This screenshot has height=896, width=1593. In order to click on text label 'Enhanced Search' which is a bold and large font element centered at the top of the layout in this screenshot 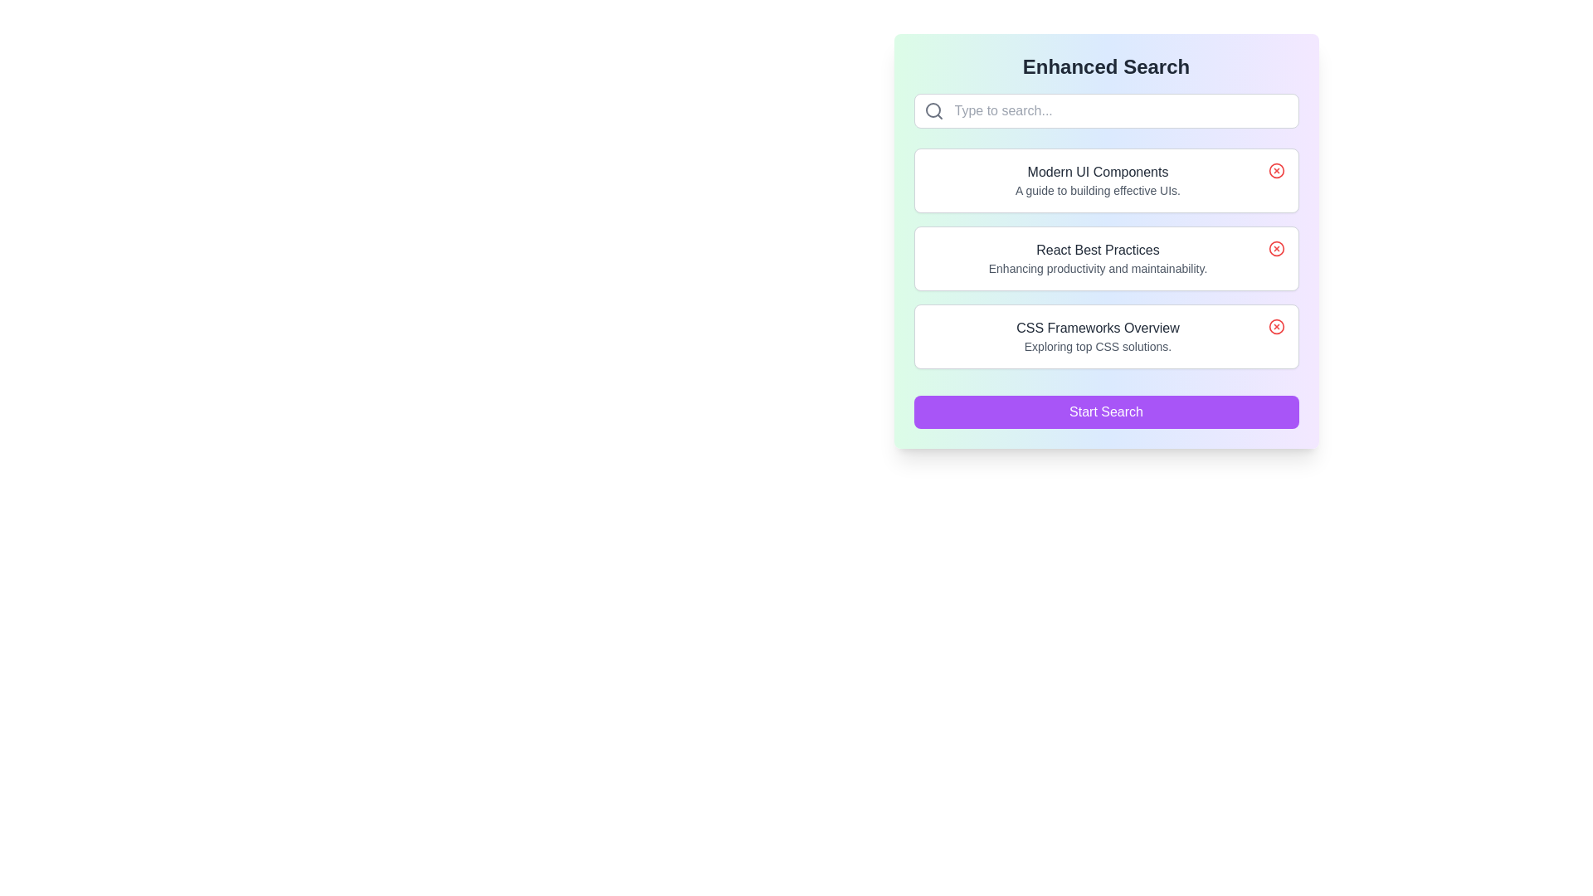, I will do `click(1106, 66)`.